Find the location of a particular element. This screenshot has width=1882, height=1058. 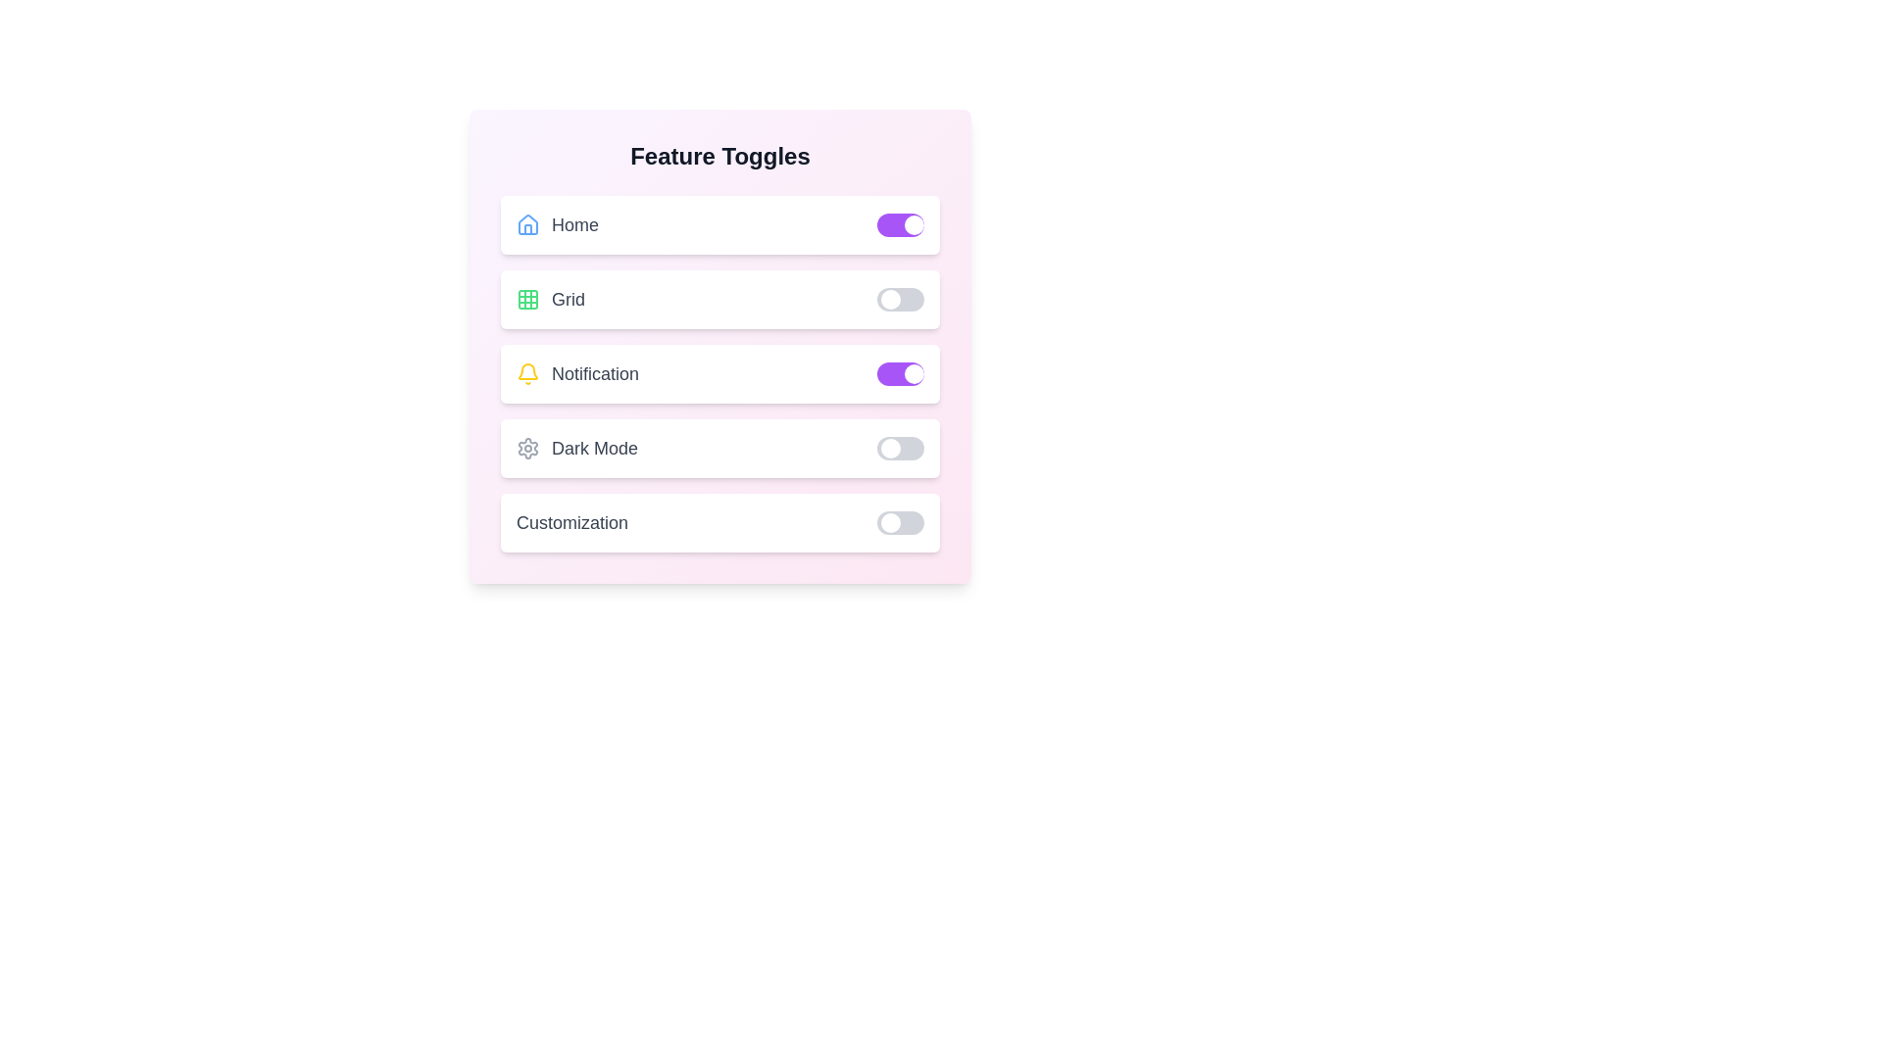

the house icon located in the 'Feature Toggles' menu, which is the first icon in the row and positioned to the left of the 'Home' label is located at coordinates (527, 224).